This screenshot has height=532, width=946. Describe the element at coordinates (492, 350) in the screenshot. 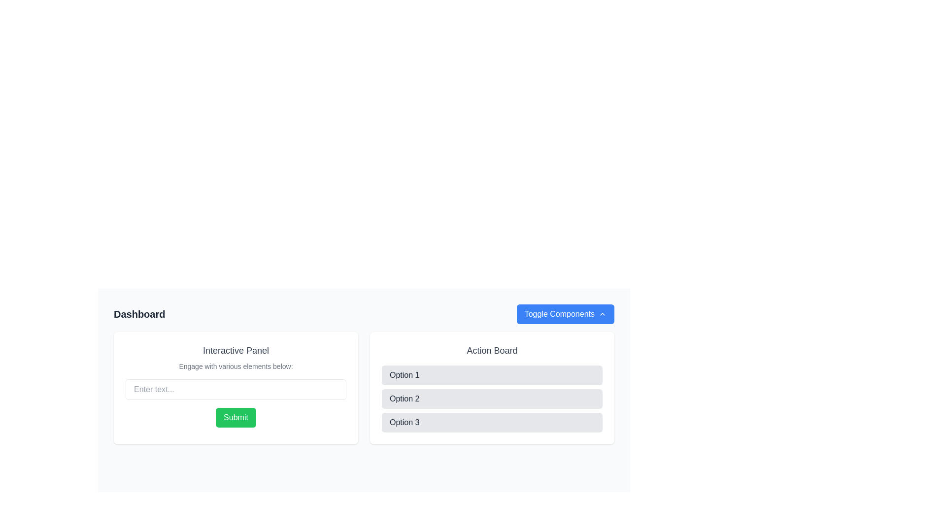

I see `the 'Action Board' text label, which is positioned at the top of the right-hand card section, above the options list` at that location.